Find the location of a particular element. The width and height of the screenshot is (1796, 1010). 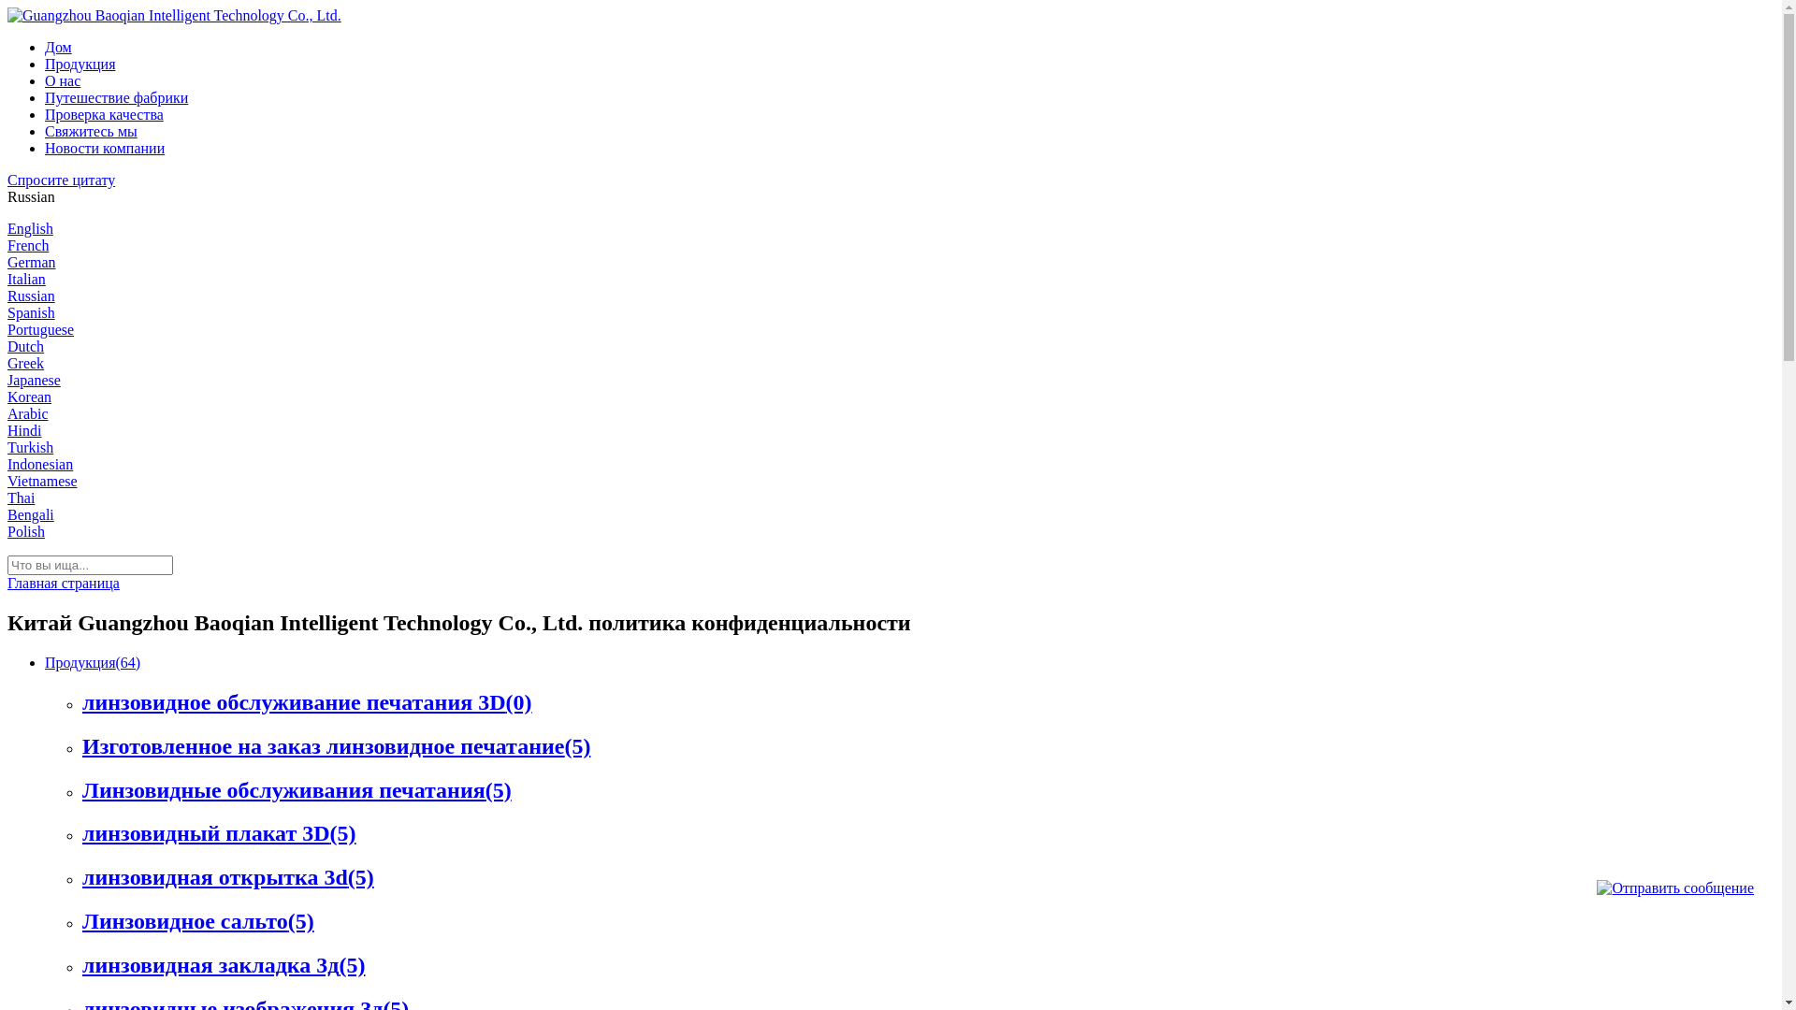

'Arabic' is located at coordinates (27, 412).